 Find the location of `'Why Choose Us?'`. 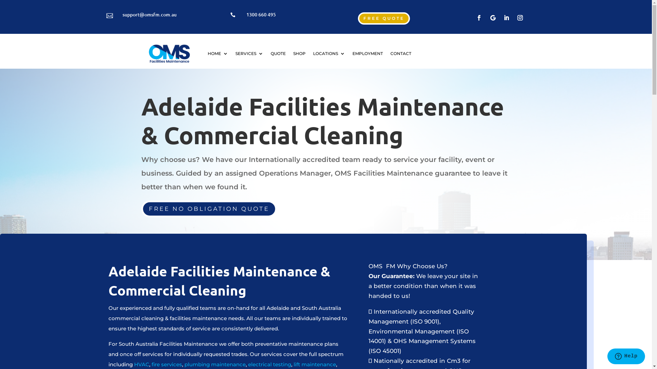

'Why Choose Us?' is located at coordinates (422, 266).